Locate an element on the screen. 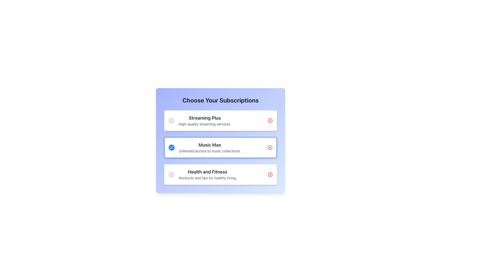 Image resolution: width=484 pixels, height=272 pixels. the white checkmark symbol on a blue circular background, which is part of the selected 'Music Max' subscription option, located to the left of the subscription description text is located at coordinates (172, 147).